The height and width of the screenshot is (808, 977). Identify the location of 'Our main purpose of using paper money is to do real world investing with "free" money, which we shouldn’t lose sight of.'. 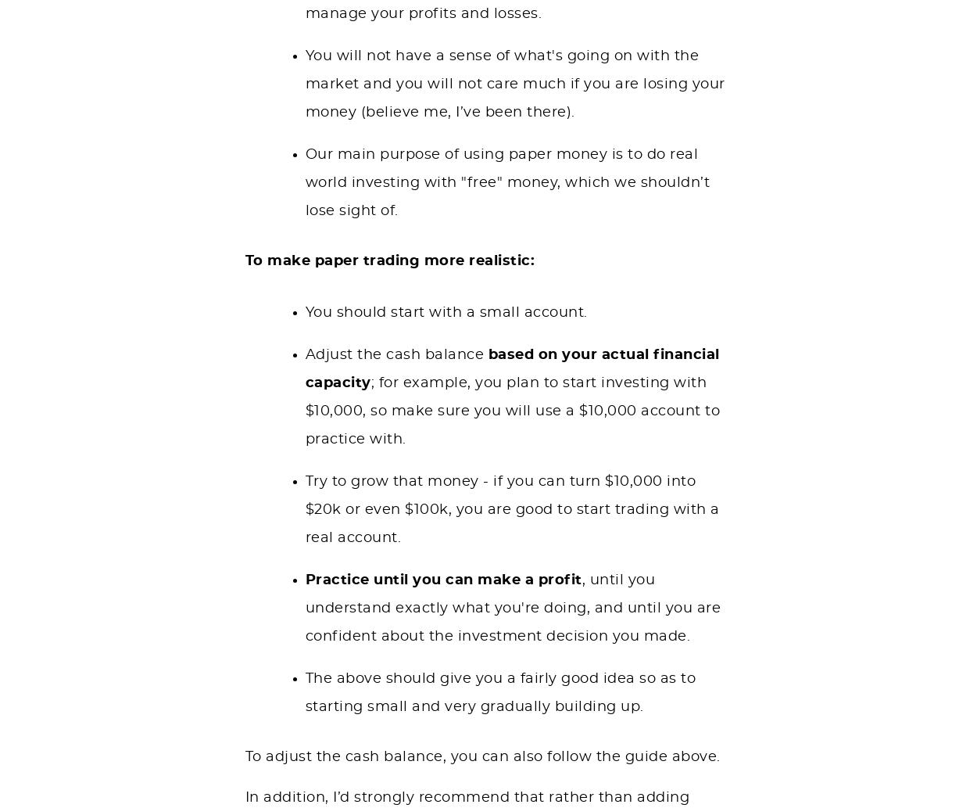
(305, 181).